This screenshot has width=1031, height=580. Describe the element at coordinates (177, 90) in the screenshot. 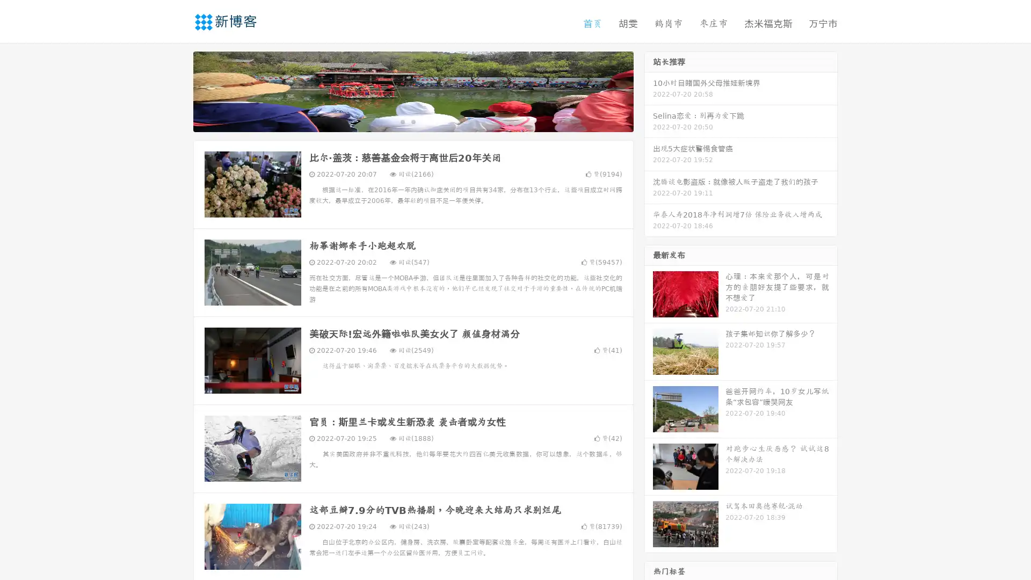

I see `Previous slide` at that location.